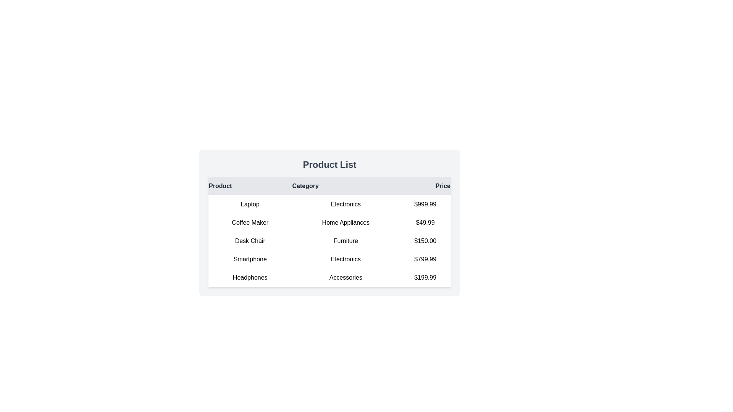  I want to click on text content of the table row displaying the product 'Headphones' in the last row of the product list under the 'Product List' header, so click(329, 278).